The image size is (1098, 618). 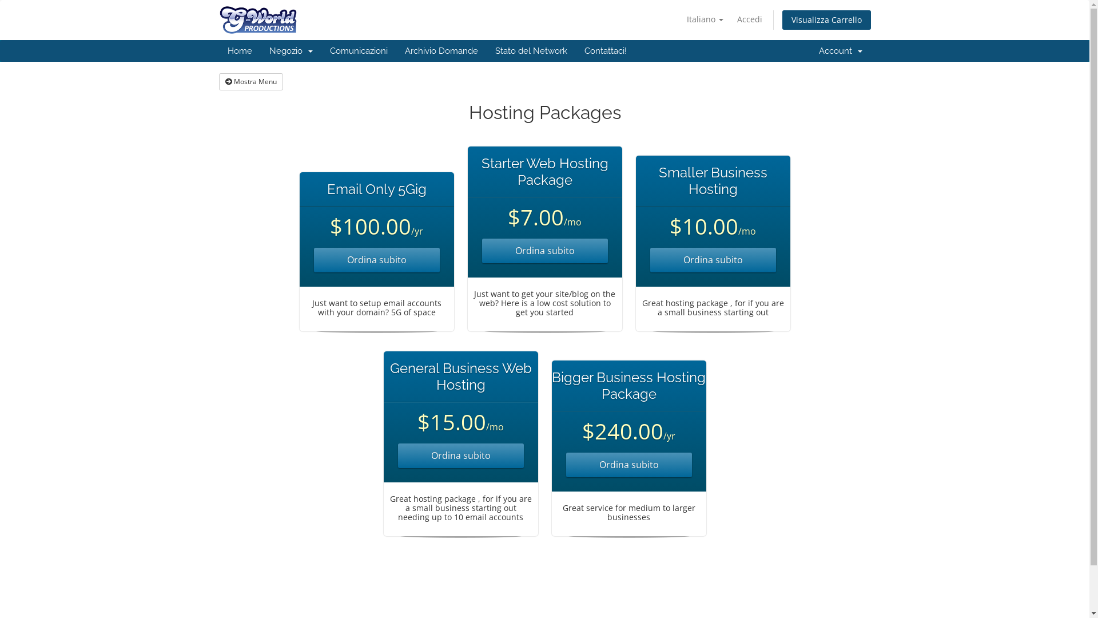 I want to click on 'Visualizza Carrello', so click(x=826, y=19).